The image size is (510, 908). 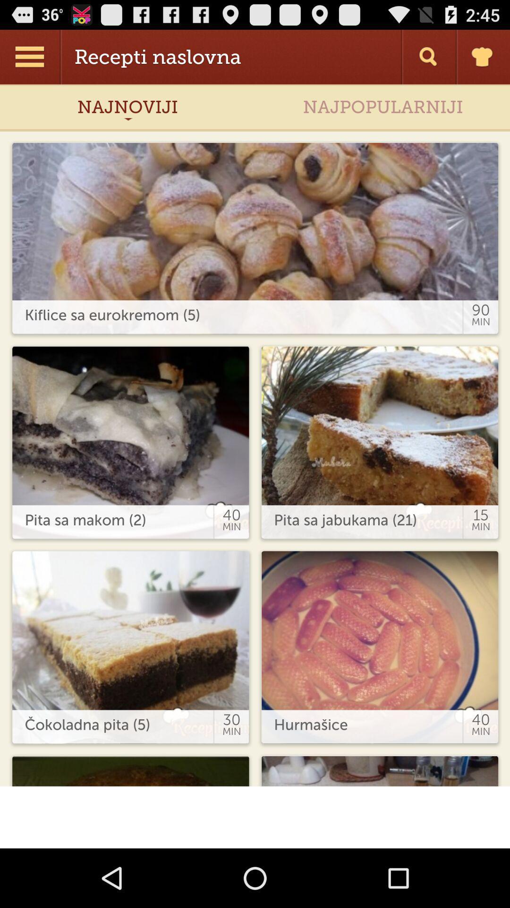 What do you see at coordinates (30, 56) in the screenshot?
I see `menu option` at bounding box center [30, 56].